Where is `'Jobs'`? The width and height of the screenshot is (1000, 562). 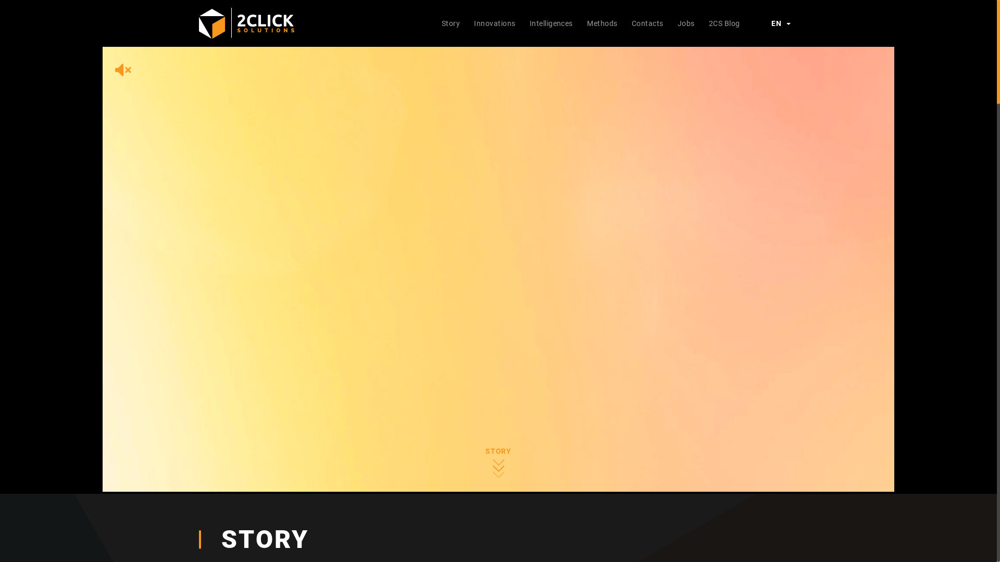 'Jobs' is located at coordinates (670, 23).